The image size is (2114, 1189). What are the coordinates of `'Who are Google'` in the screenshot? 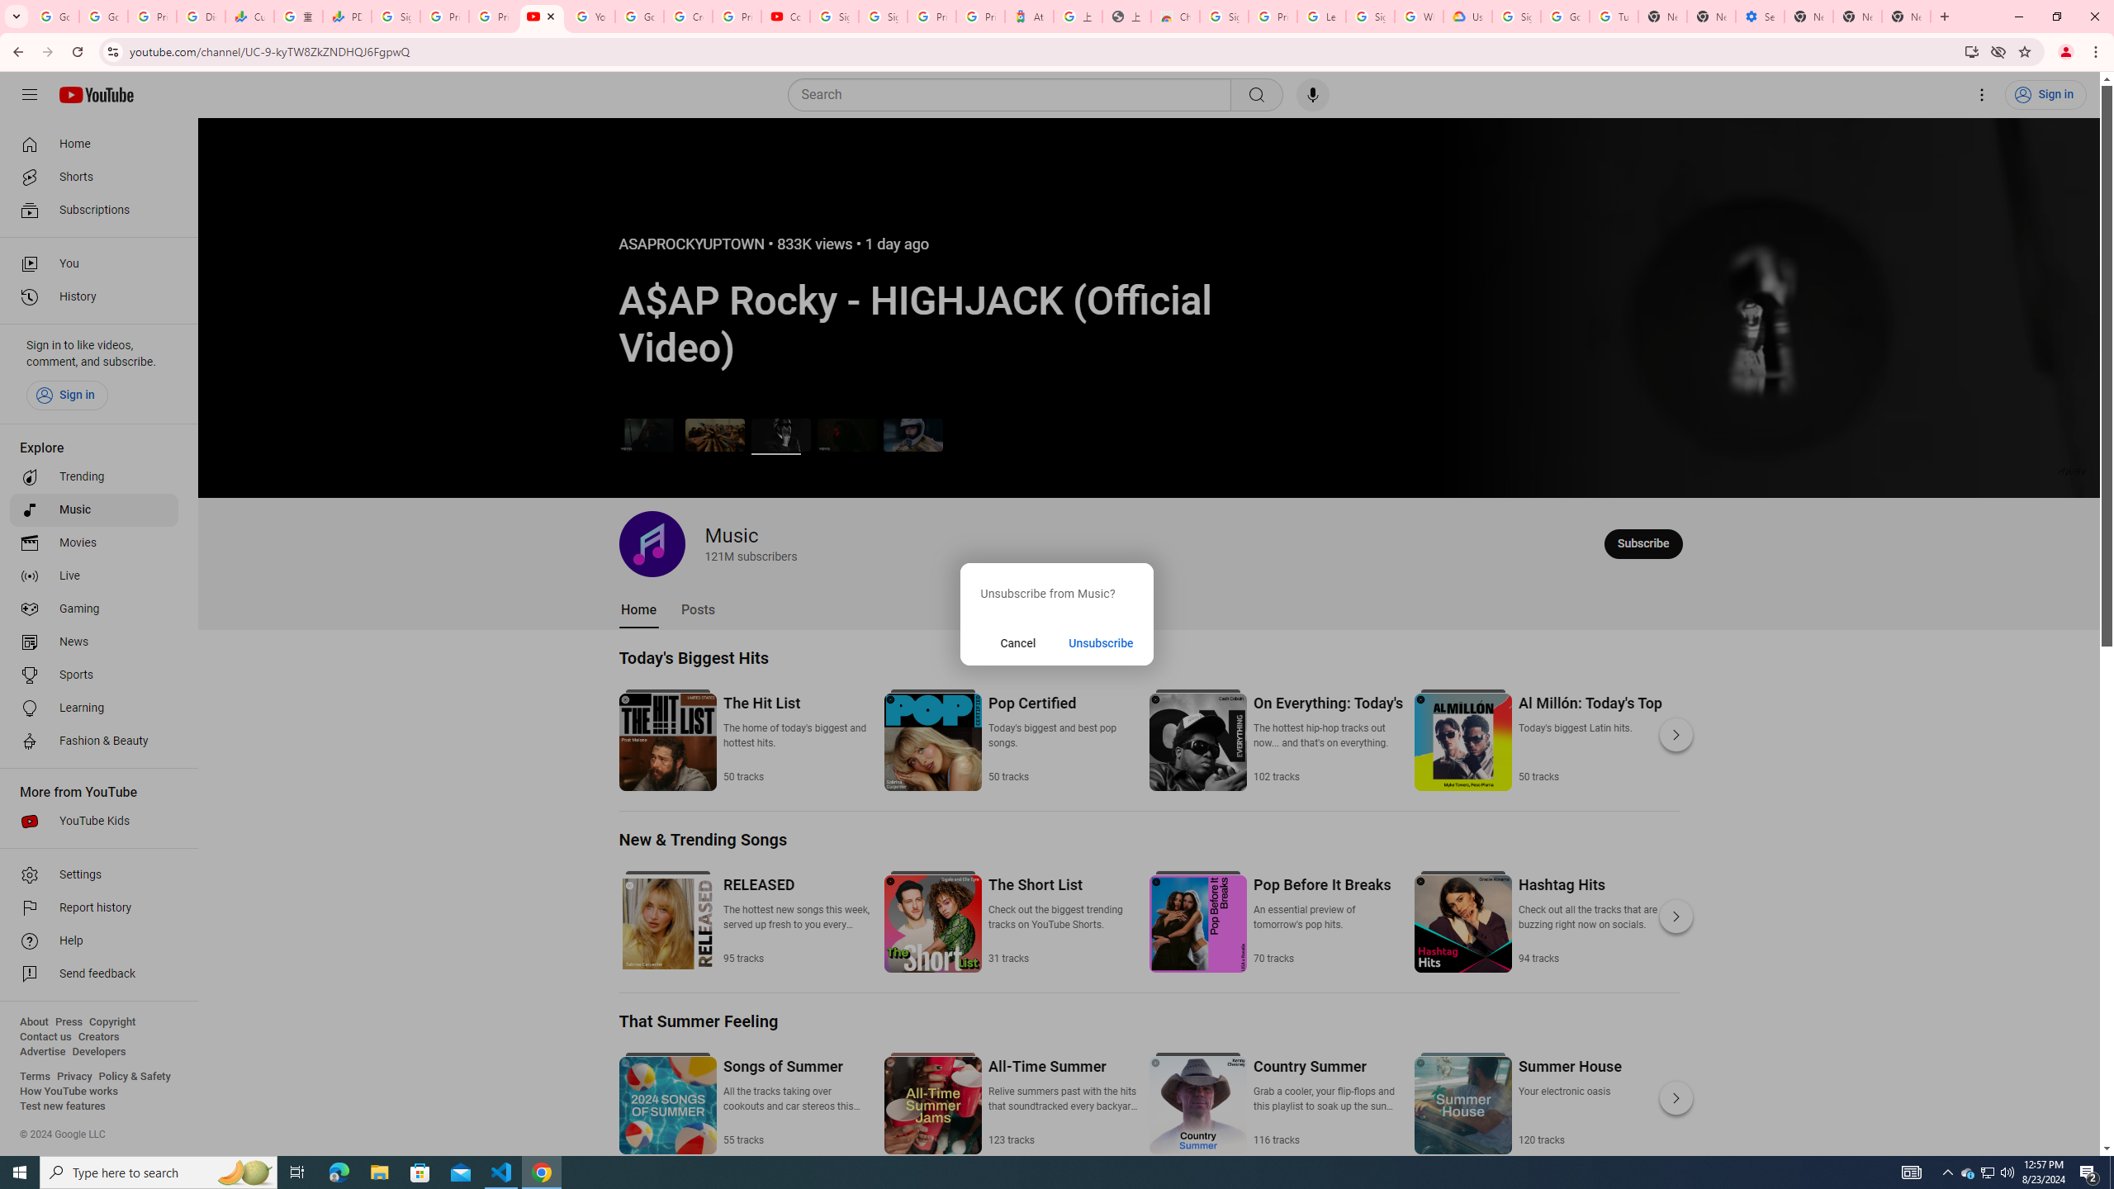 It's located at (1417, 16).